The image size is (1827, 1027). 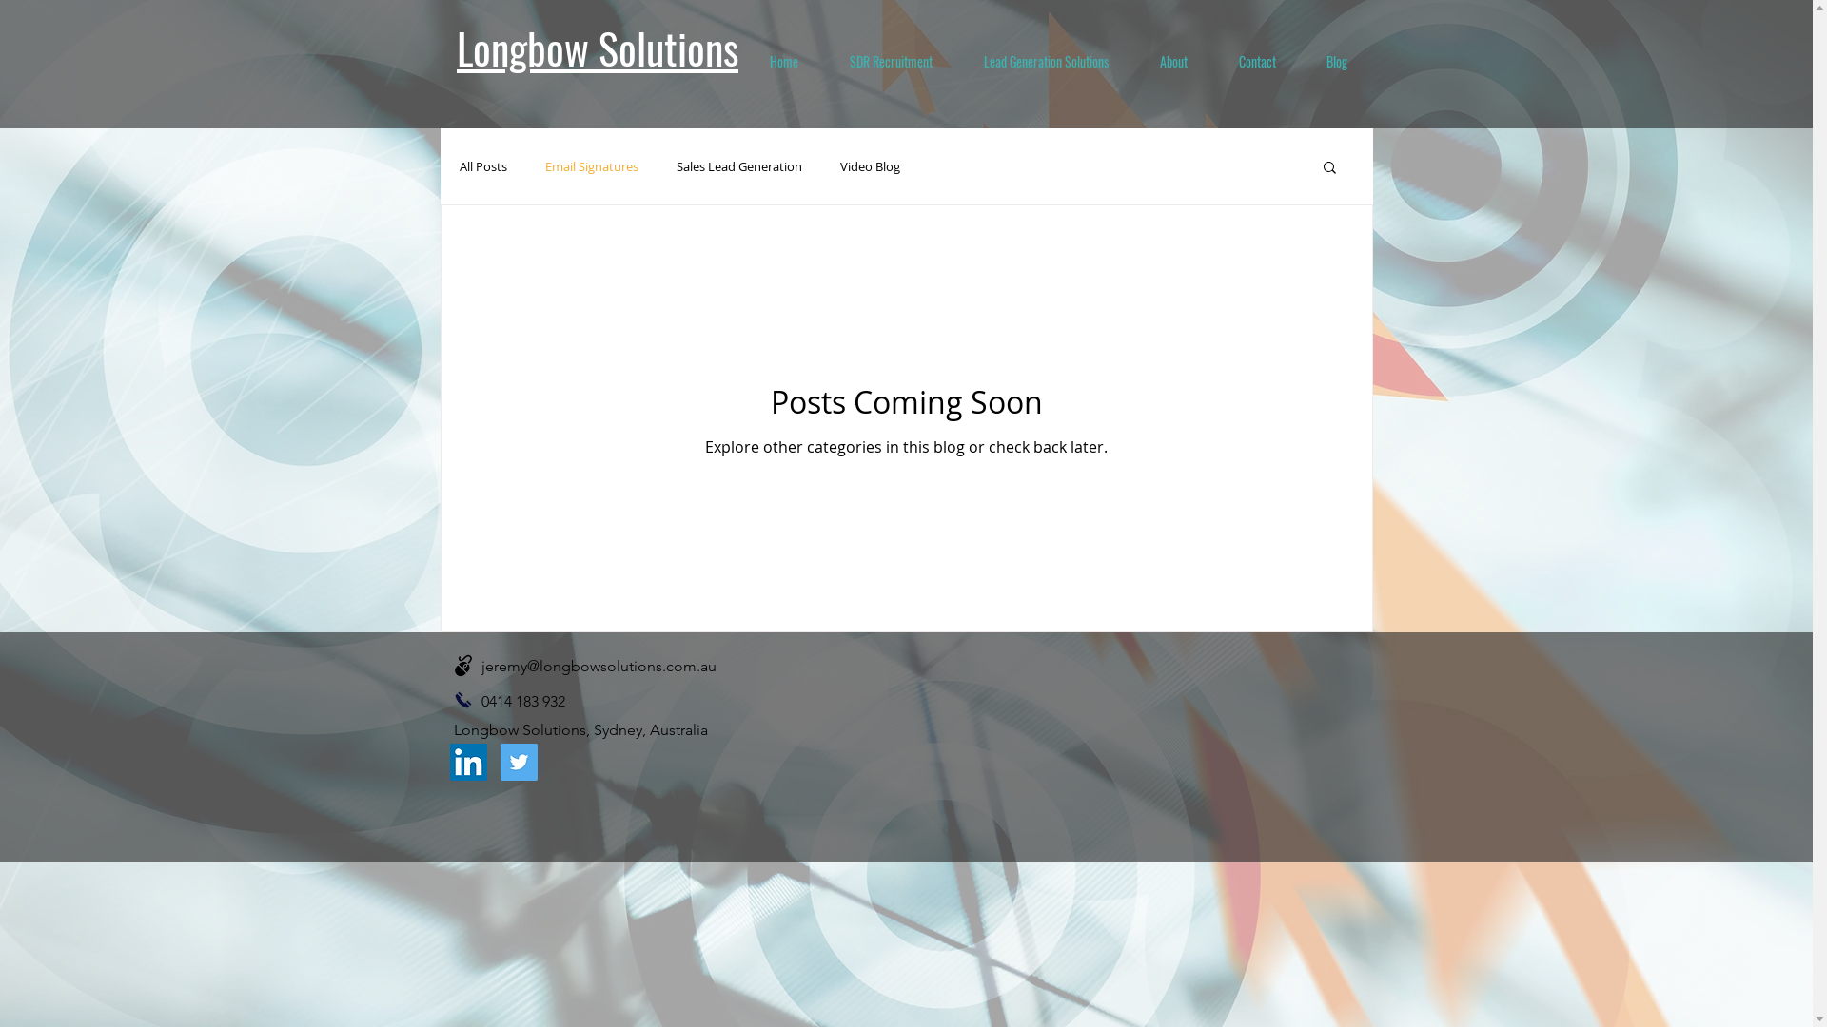 I want to click on 'All Posts', so click(x=482, y=165).